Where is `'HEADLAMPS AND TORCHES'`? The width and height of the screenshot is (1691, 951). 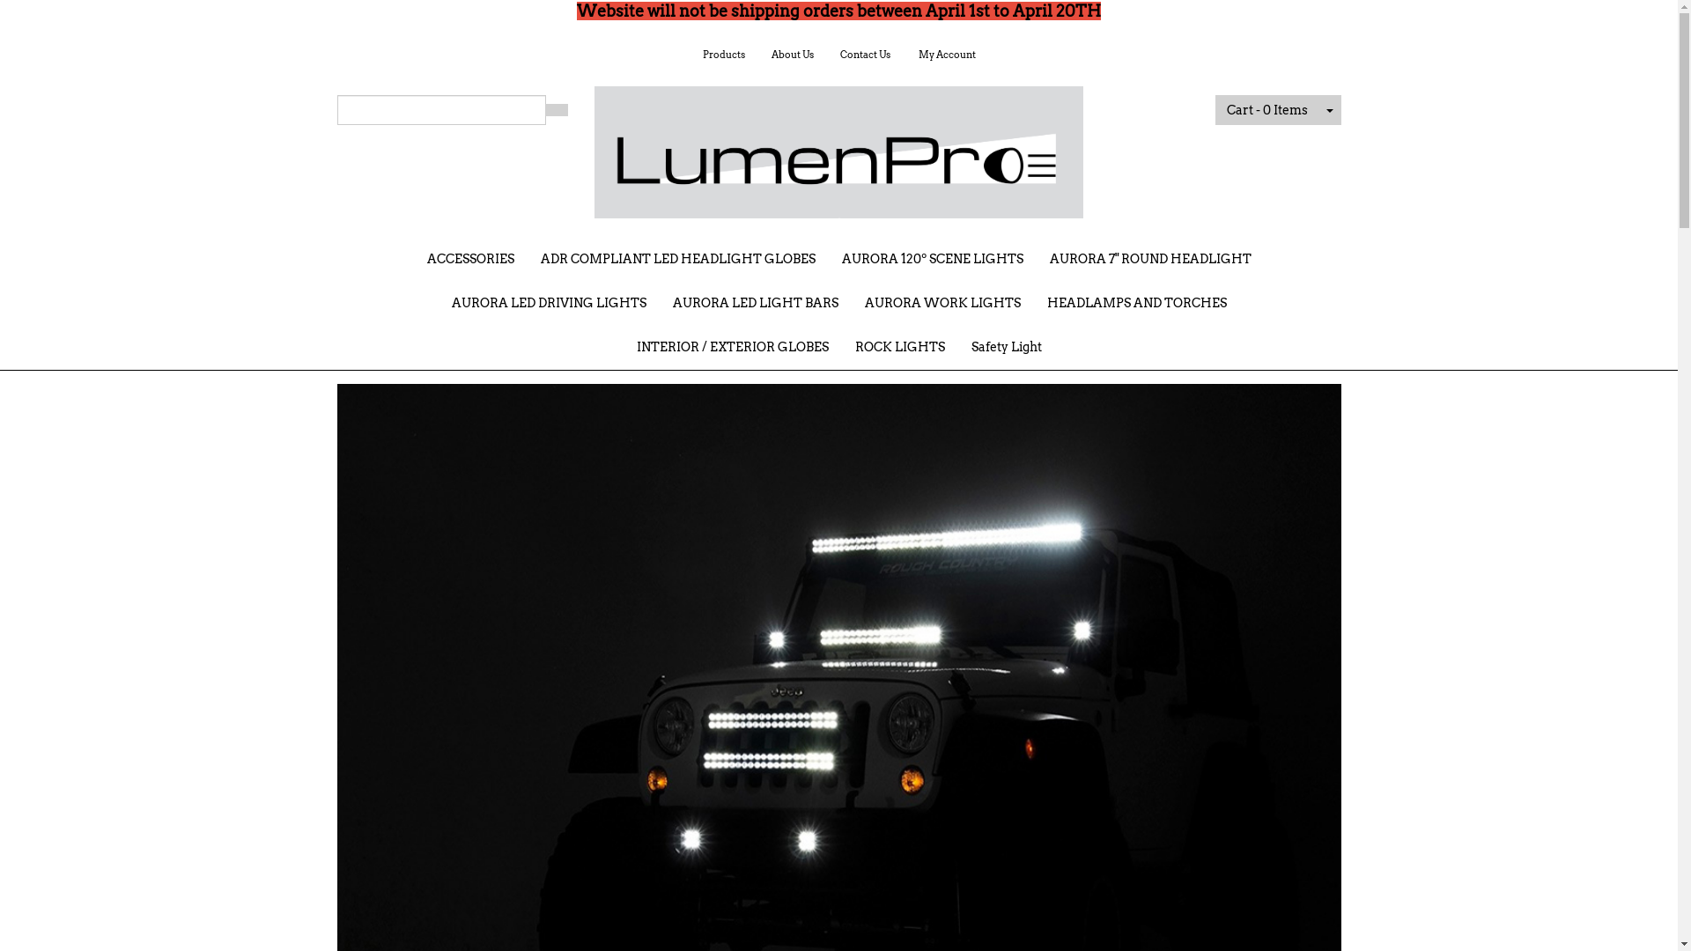
'HEADLAMPS AND TORCHES' is located at coordinates (1137, 301).